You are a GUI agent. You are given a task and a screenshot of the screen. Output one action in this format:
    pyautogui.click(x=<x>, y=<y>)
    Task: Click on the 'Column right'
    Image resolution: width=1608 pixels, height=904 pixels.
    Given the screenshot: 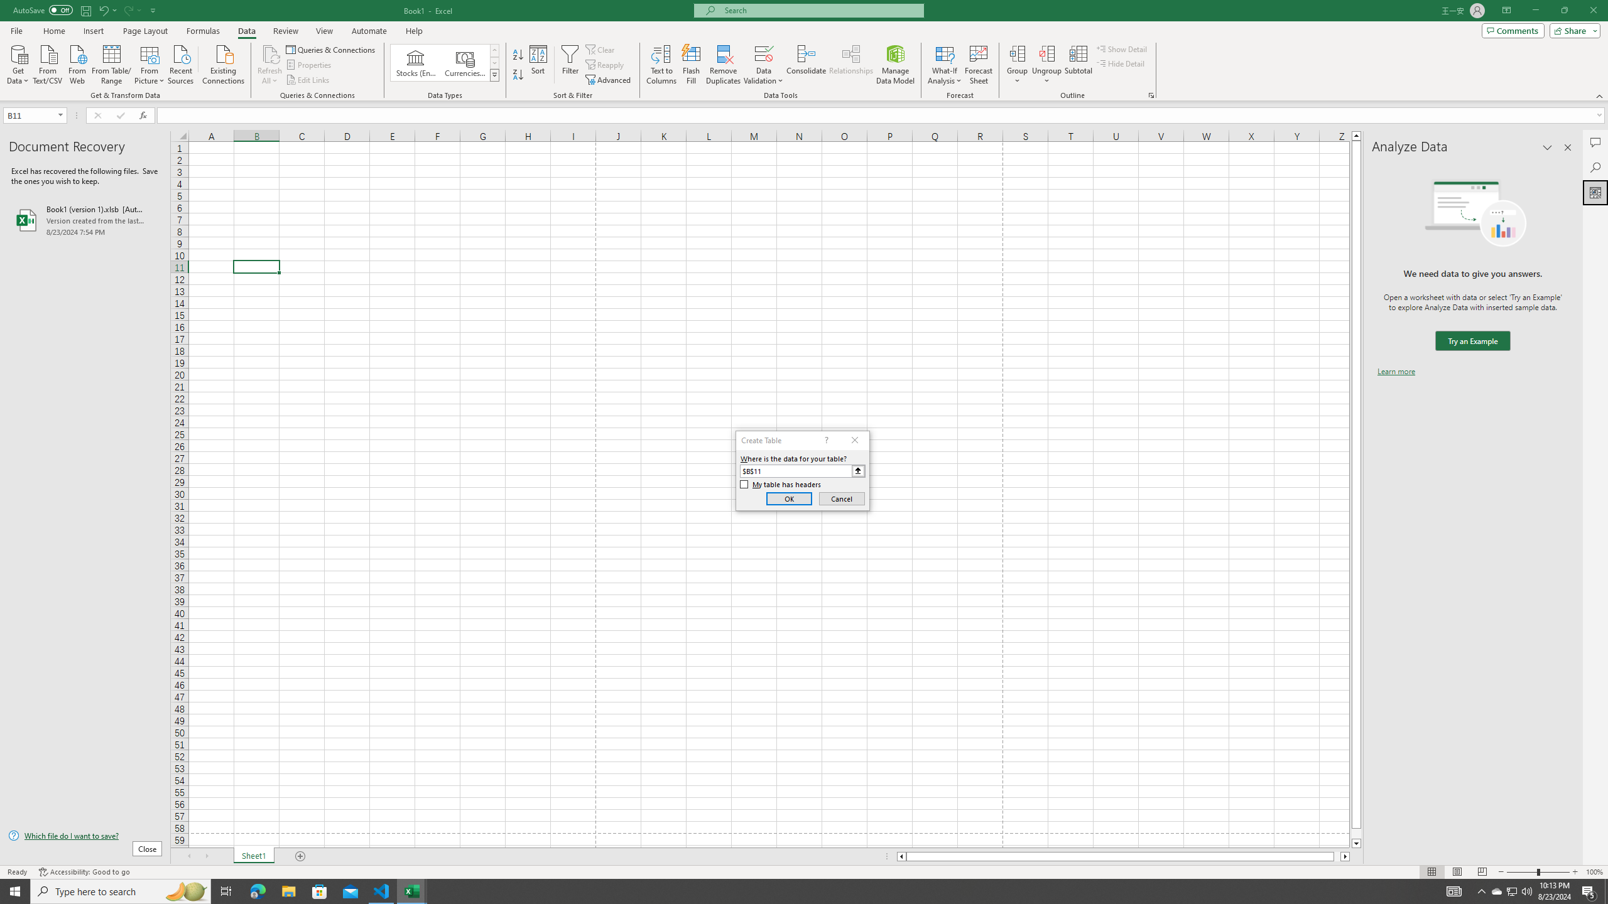 What is the action you would take?
    pyautogui.click(x=1345, y=856)
    